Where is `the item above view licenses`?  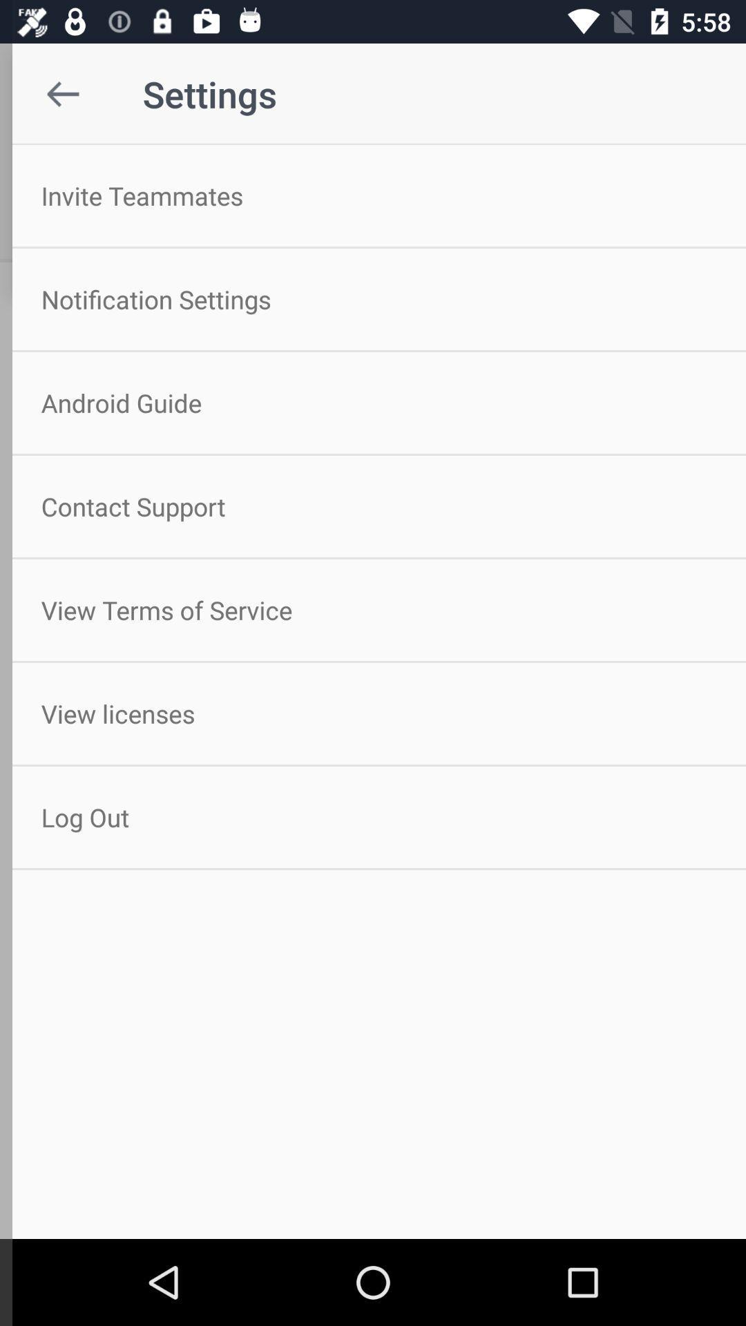
the item above view licenses is located at coordinates (373, 609).